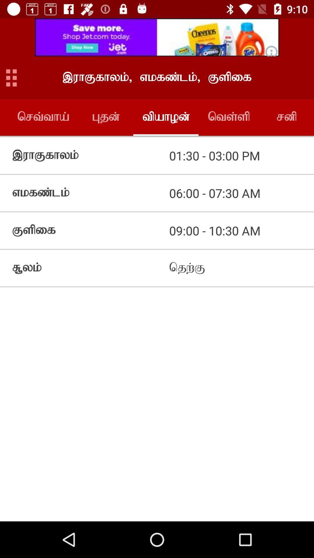 The width and height of the screenshot is (314, 558). I want to click on pop up advertisement, so click(157, 37).